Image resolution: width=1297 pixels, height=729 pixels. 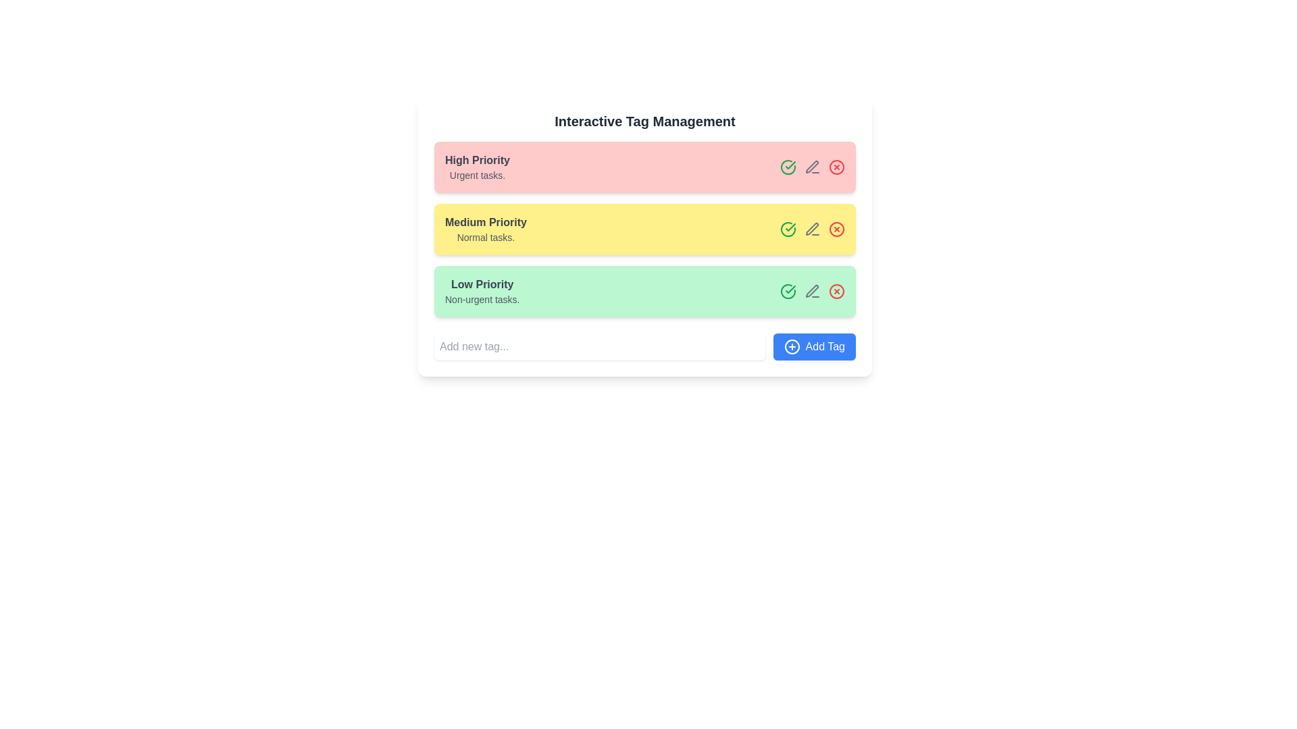 I want to click on the delete icon located as the third icon in a row of interactive icons on the right side of the 'High Priority' bar, so click(x=836, y=166).